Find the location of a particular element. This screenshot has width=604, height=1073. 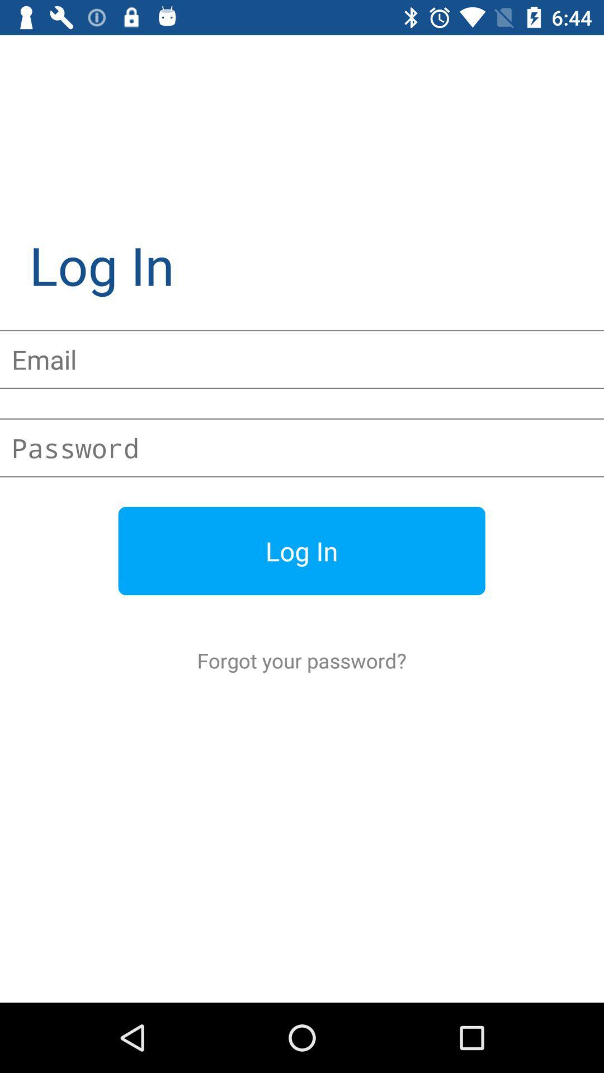

forgot your password? button is located at coordinates (301, 660).